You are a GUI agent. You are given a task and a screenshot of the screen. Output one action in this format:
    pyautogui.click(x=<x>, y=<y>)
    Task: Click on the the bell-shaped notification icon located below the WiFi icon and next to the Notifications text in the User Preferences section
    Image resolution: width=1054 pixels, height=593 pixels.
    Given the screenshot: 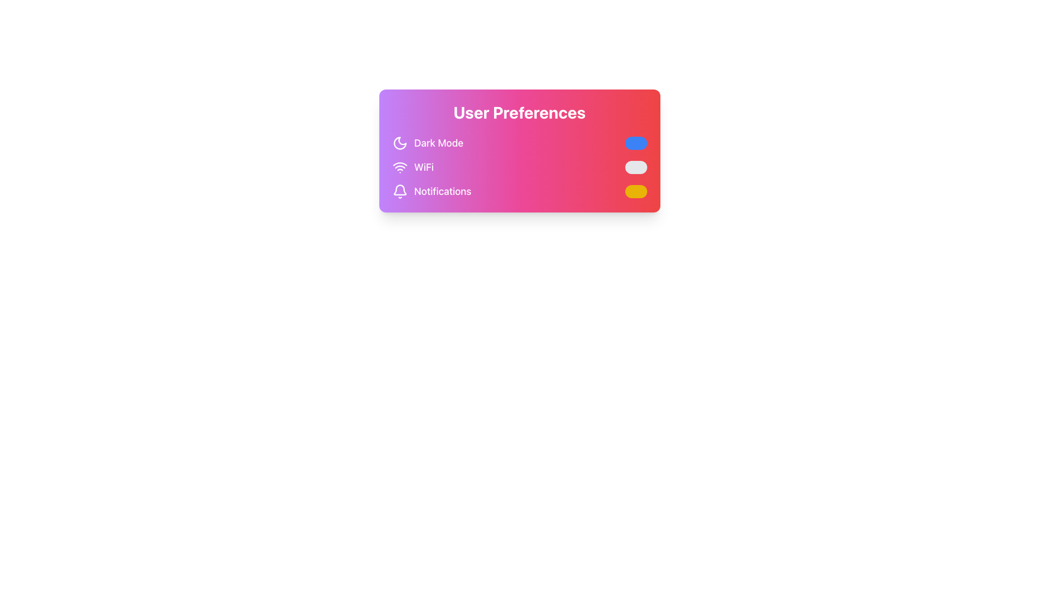 What is the action you would take?
    pyautogui.click(x=399, y=189)
    